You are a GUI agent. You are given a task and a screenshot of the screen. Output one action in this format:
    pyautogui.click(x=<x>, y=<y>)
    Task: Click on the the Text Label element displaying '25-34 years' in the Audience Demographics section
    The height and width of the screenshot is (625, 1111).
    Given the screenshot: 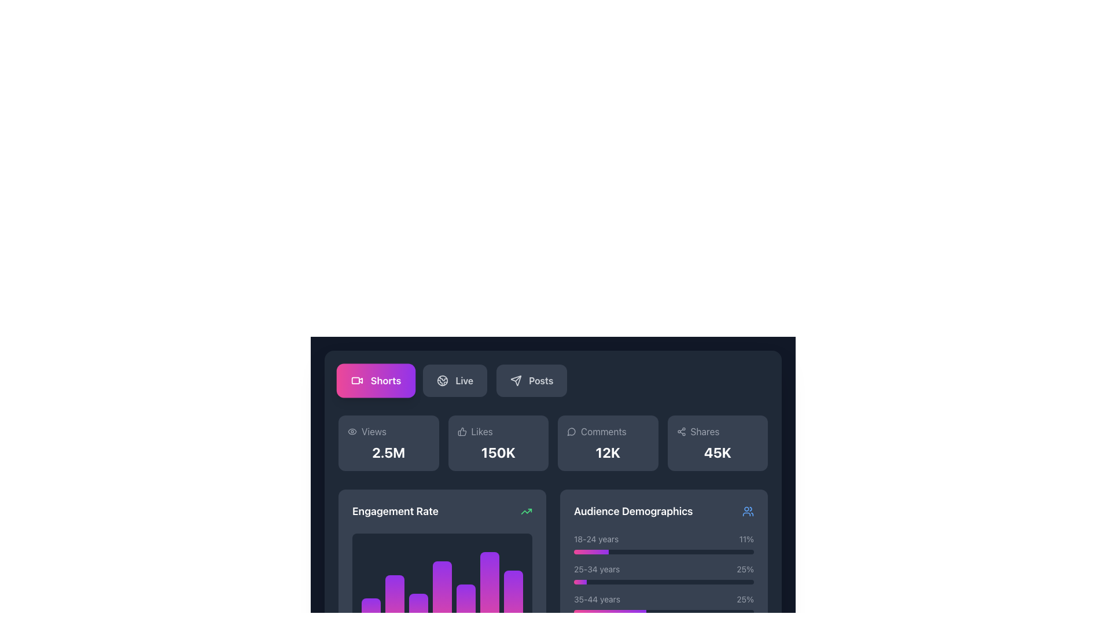 What is the action you would take?
    pyautogui.click(x=597, y=568)
    